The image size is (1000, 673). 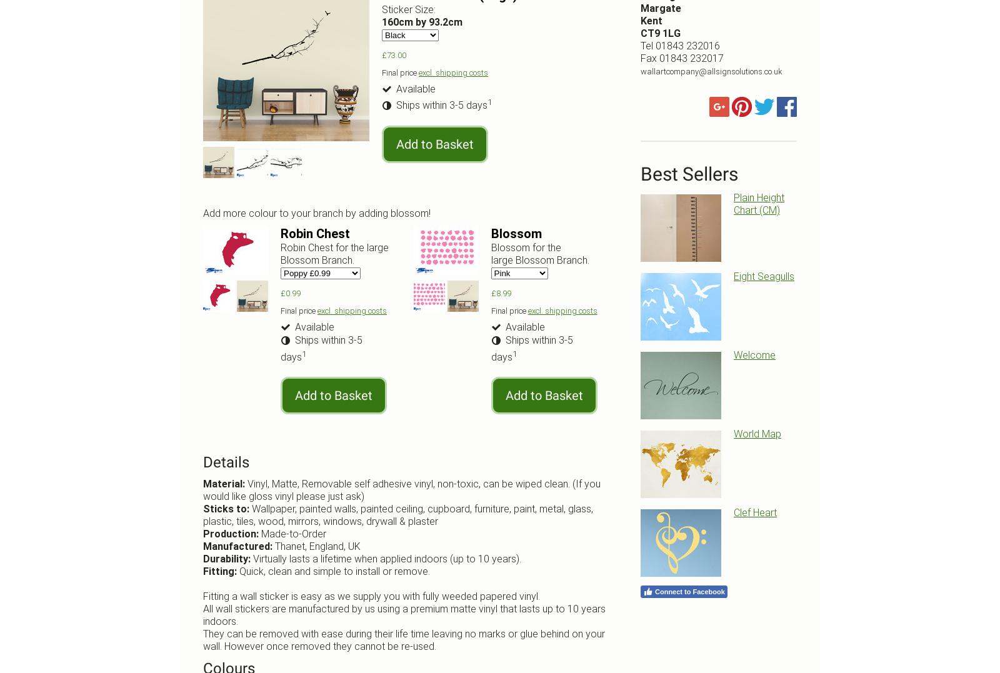 I want to click on 'Made-to-Order', so click(x=292, y=532).